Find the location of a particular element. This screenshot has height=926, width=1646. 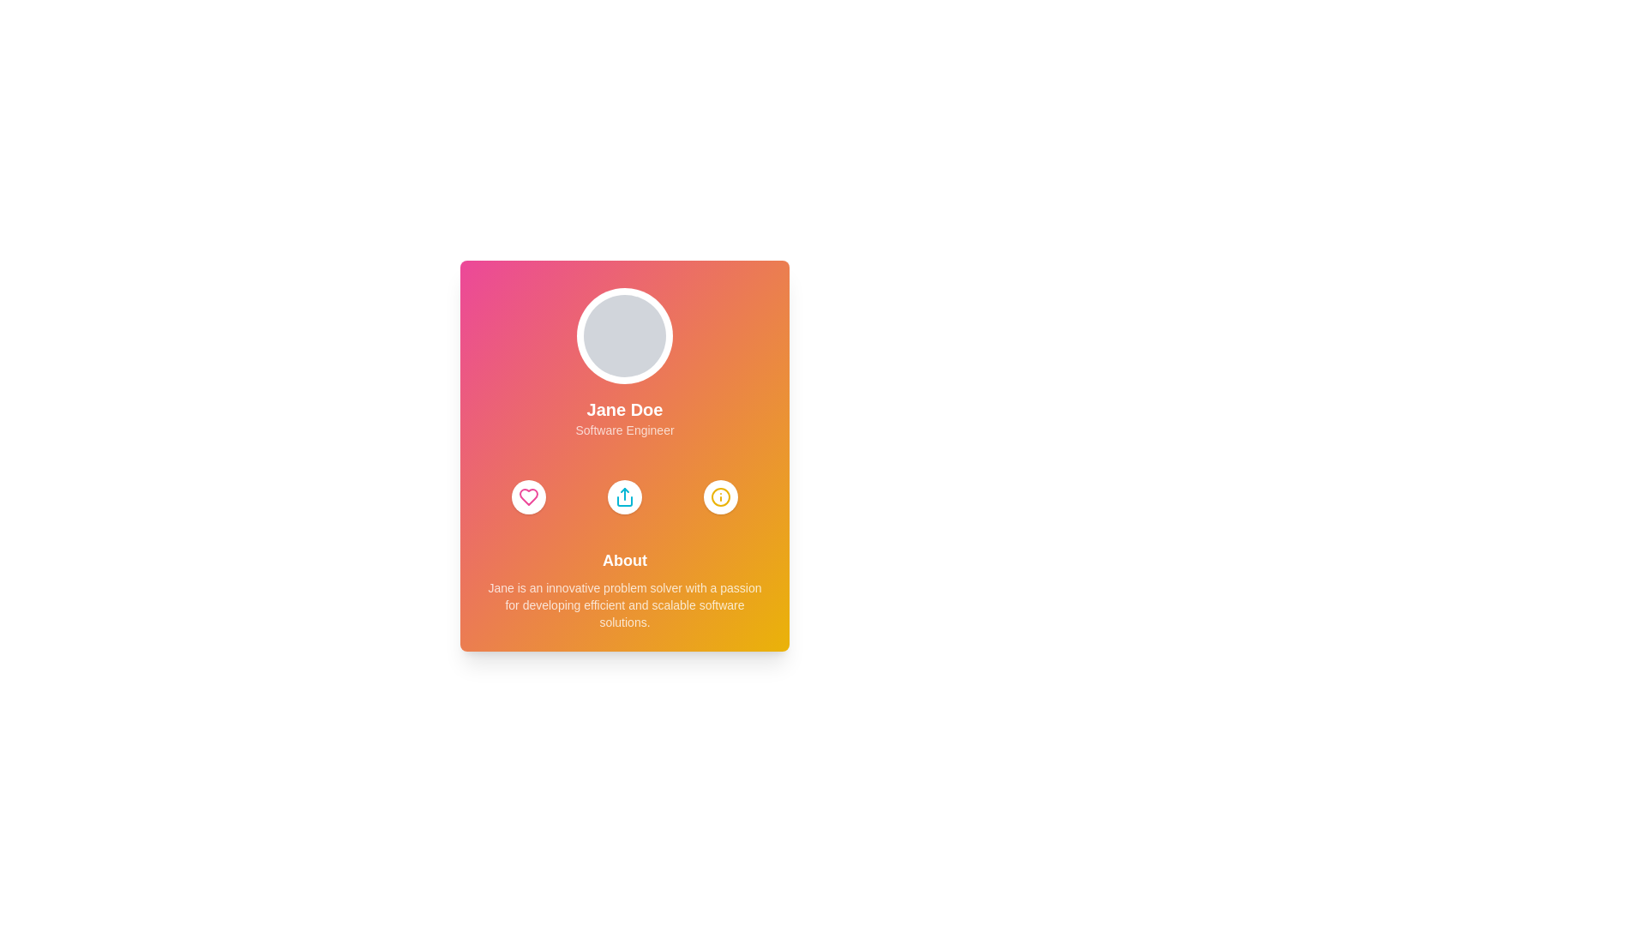

the heart-shaped pink icon with rounded edges located beneath the profile image and name is located at coordinates (528, 496).